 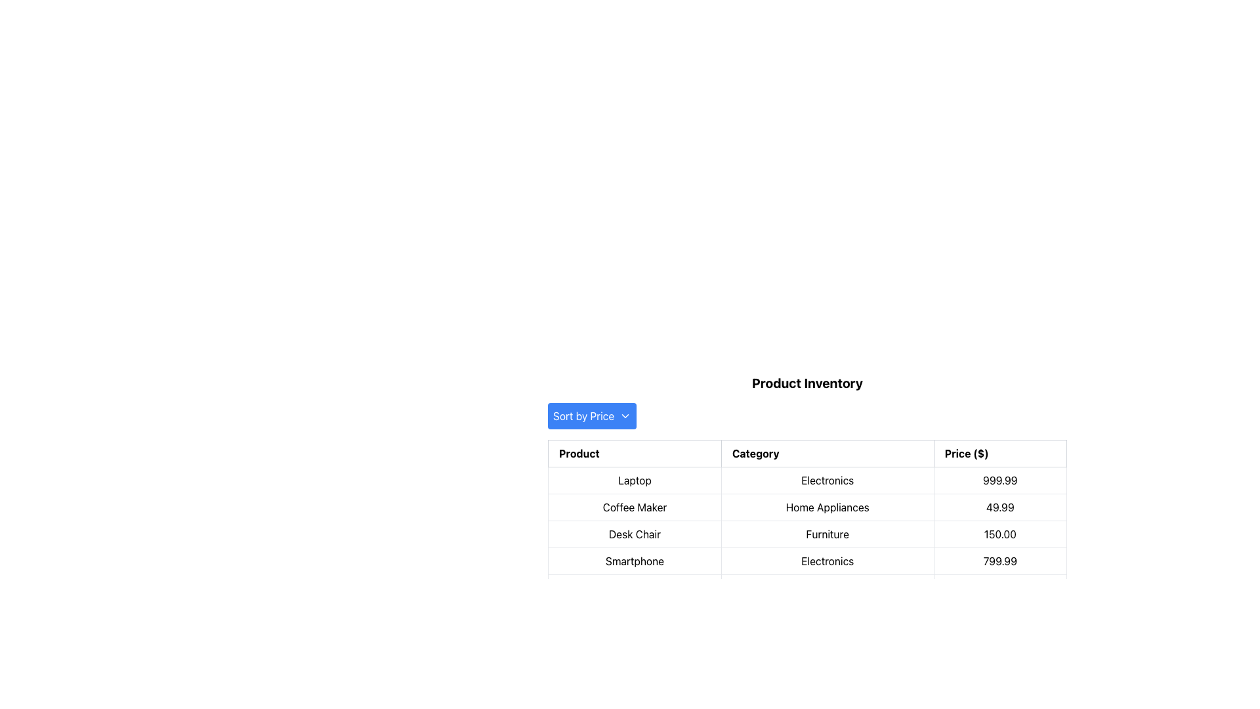 What do you see at coordinates (635, 561) in the screenshot?
I see `text displayed in the first table cell under the 'Product' column in the bottom-most row of the product inventory table, which shows the name 'Smartphone'` at bounding box center [635, 561].